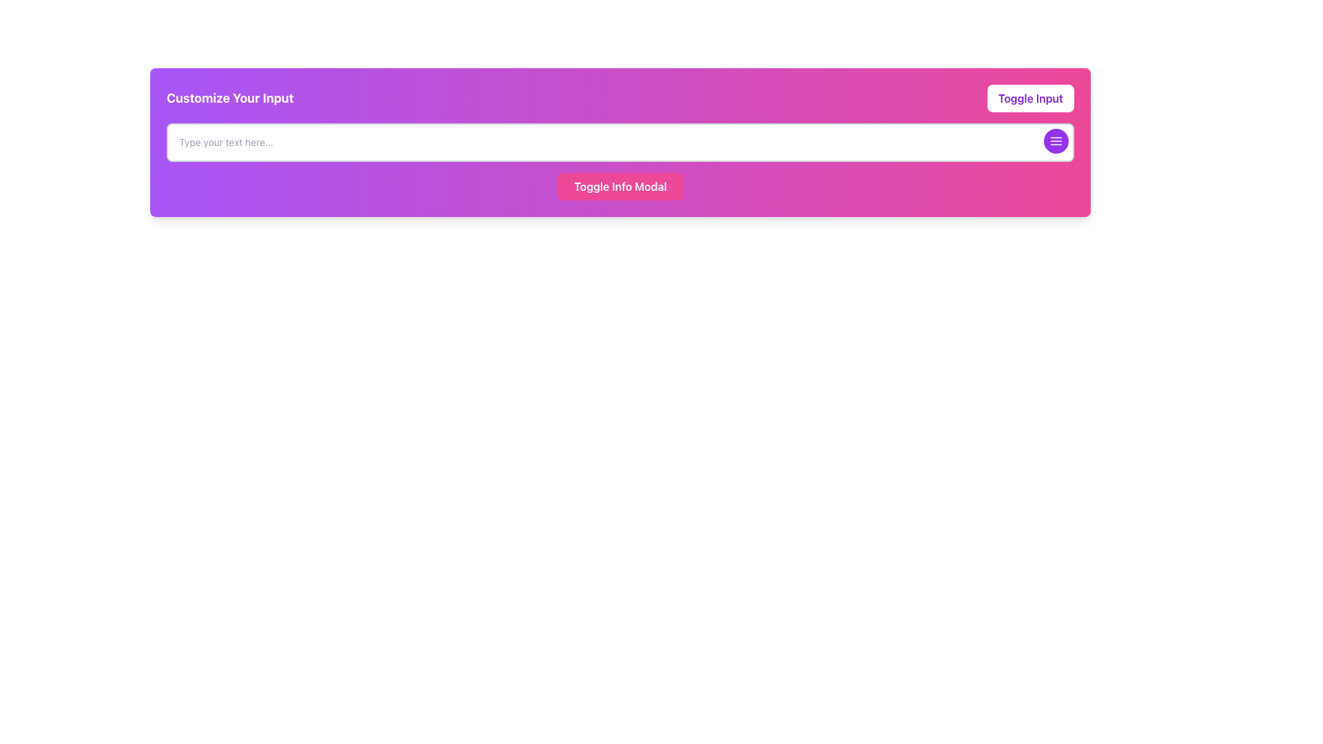 The height and width of the screenshot is (744, 1323). I want to click on the toggle button located in the top right of the 'Customize Your Input' section, so click(1030, 97).